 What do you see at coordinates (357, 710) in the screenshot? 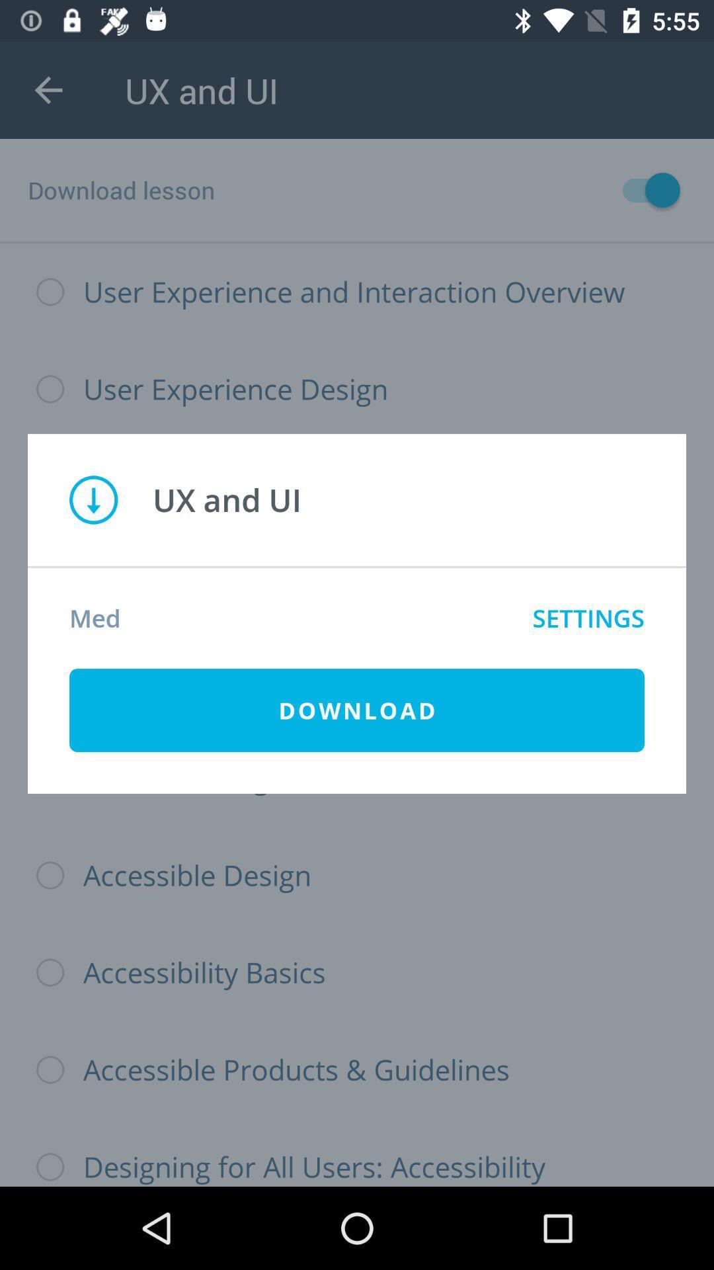
I see `the download` at bounding box center [357, 710].